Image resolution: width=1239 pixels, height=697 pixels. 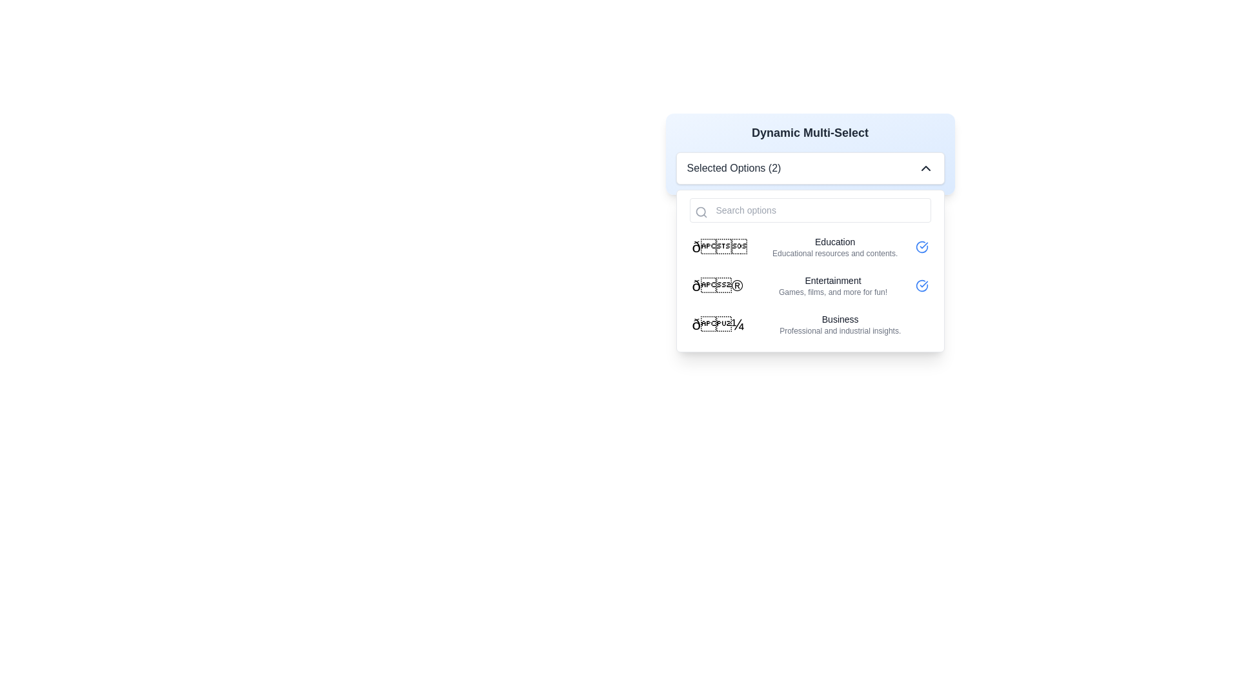 I want to click on the static text label that reads 'Games, films, and more for fun!', which is positioned below the title 'Entertainment' in the dropdown list labeled 'Dynamic Multi-Select', so click(x=833, y=292).